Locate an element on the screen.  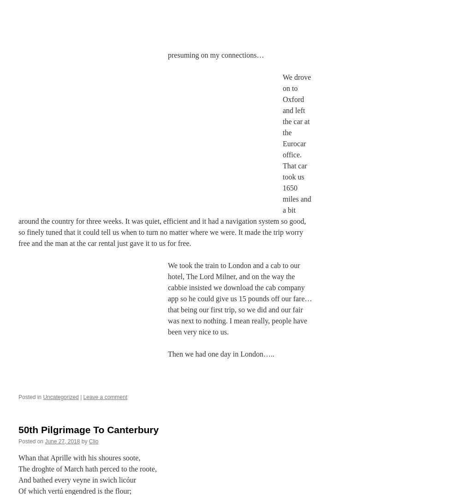
'Whan that Aprille with his shoures soote,' is located at coordinates (79, 457).